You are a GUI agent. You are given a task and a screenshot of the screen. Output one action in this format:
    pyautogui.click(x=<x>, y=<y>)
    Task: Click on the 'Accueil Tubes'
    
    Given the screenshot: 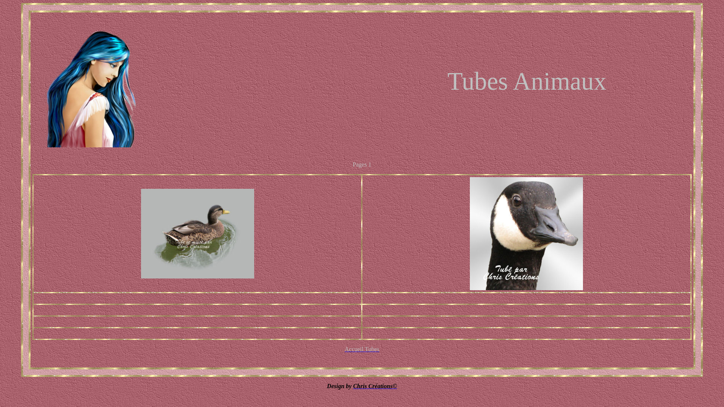 What is the action you would take?
    pyautogui.click(x=362, y=349)
    